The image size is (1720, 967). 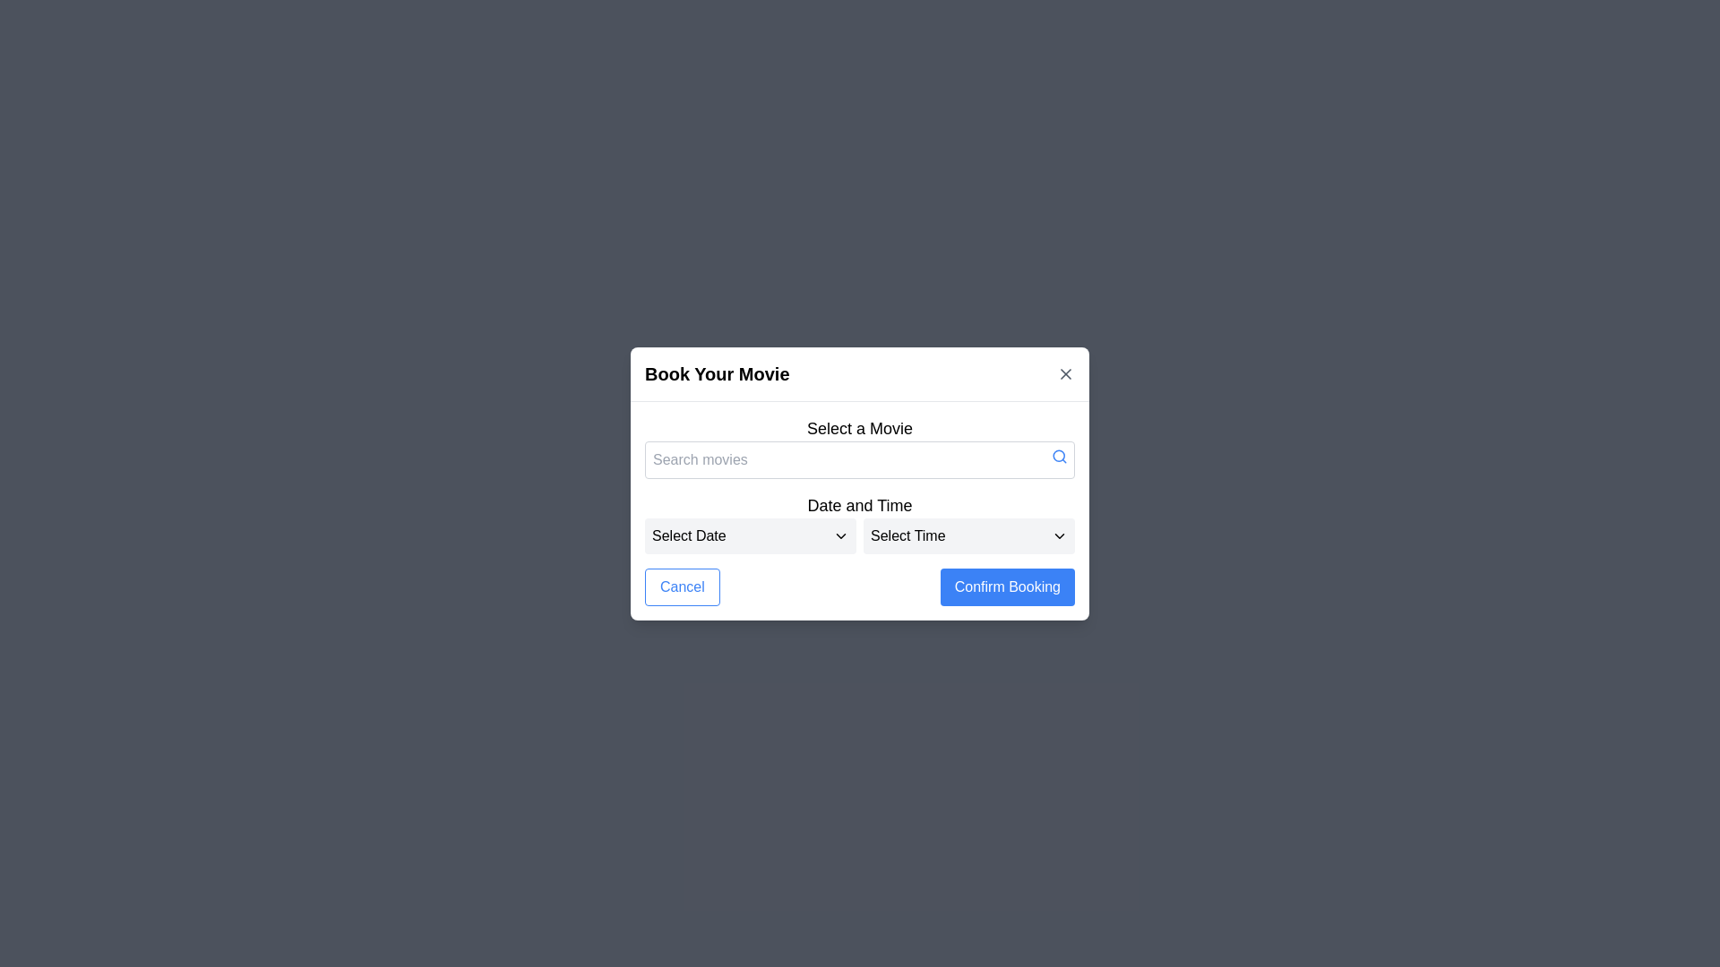 I want to click on the search icon located at the right end of the search bar in the 'Book Your Movie' modal, so click(x=1059, y=455).